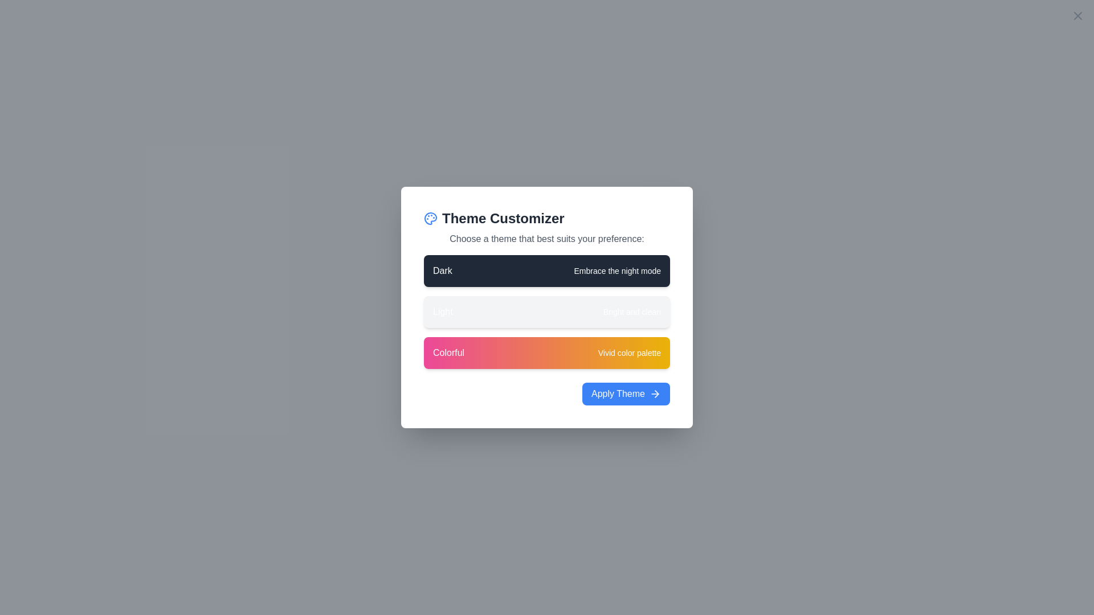 Image resolution: width=1094 pixels, height=615 pixels. What do you see at coordinates (547, 311) in the screenshot?
I see `the Selectable Theme Option labeled 'Light' in the Theme Customizer` at bounding box center [547, 311].